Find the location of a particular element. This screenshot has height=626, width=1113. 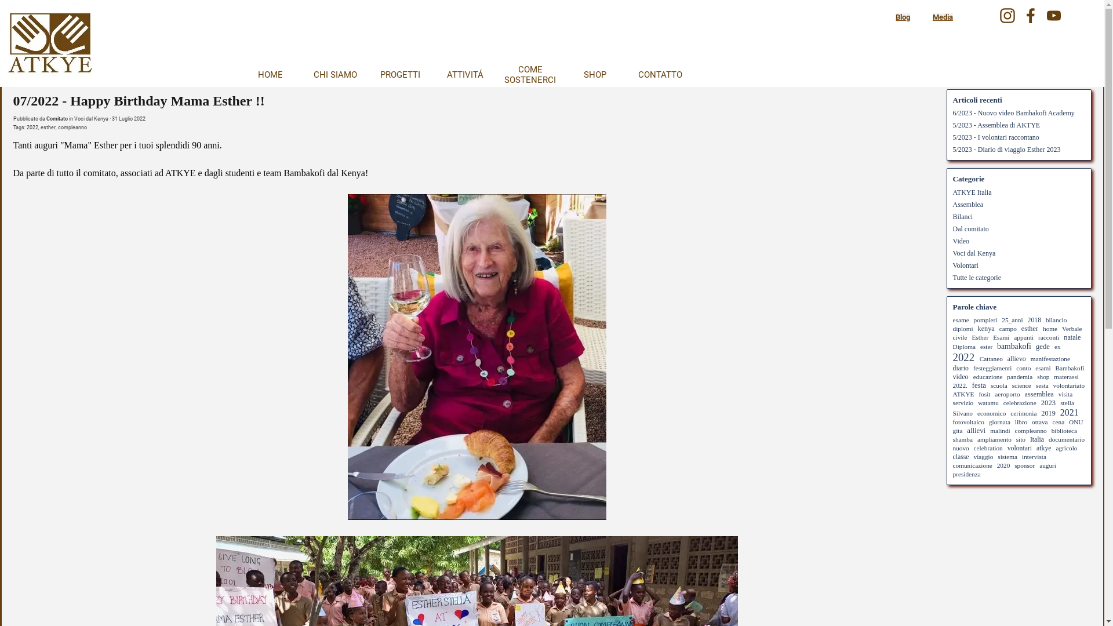

'home' is located at coordinates (1050, 329).